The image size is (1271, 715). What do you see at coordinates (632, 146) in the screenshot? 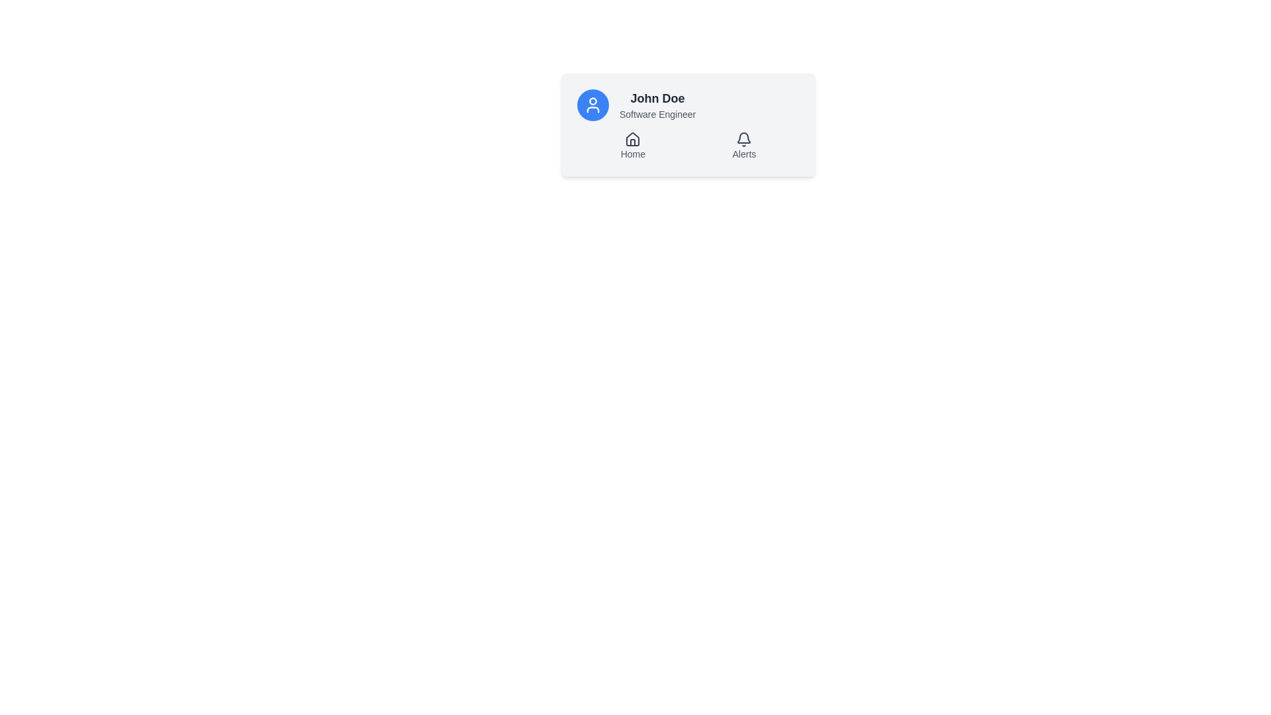
I see `the first navigation item` at bounding box center [632, 146].